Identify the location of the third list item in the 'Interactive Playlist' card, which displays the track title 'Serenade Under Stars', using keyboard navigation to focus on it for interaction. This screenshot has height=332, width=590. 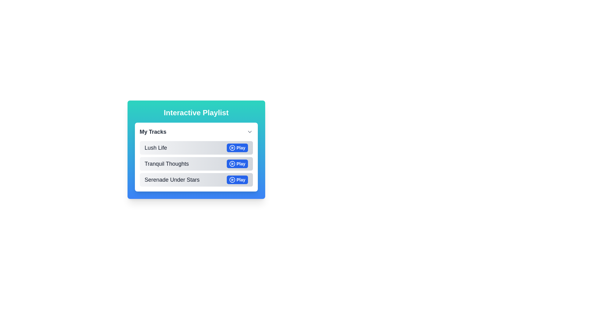
(196, 180).